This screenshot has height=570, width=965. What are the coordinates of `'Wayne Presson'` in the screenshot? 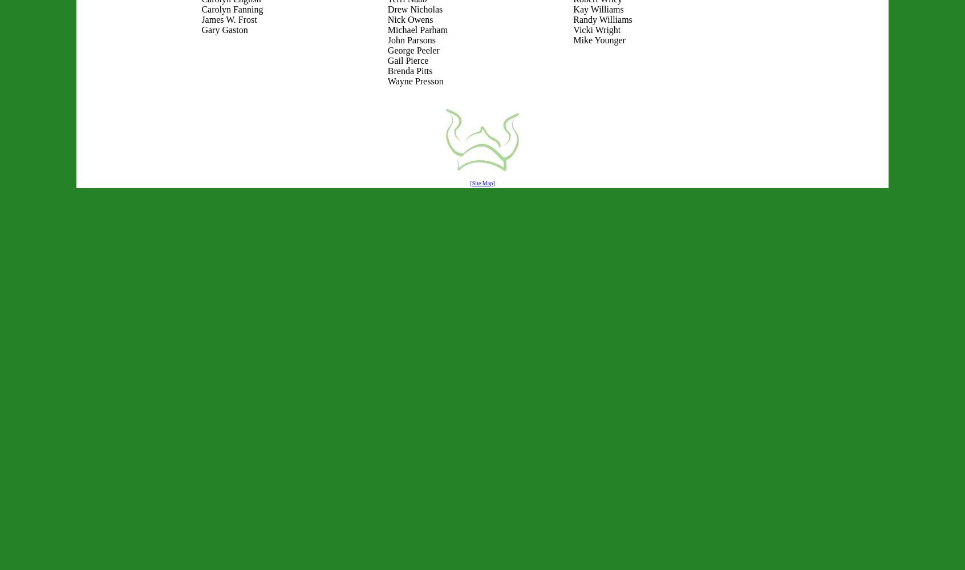 It's located at (415, 81).